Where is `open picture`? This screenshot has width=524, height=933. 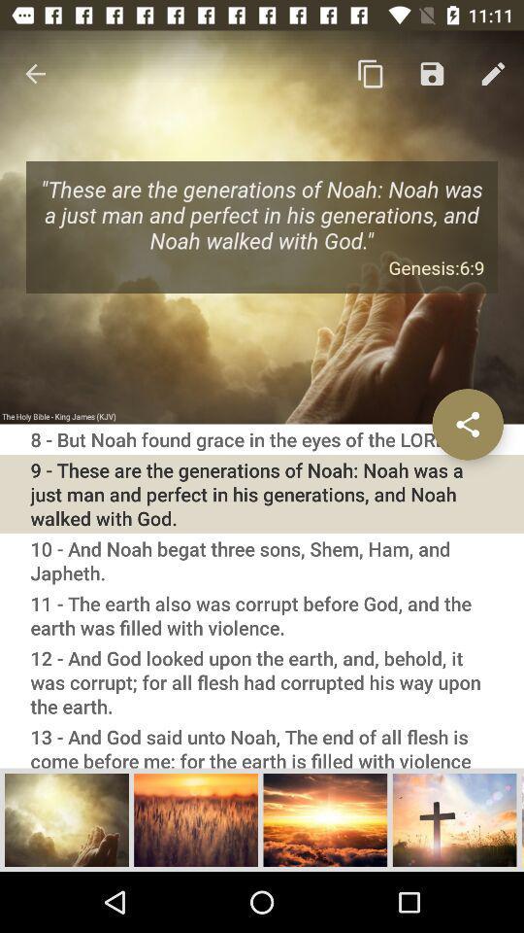
open picture is located at coordinates (454, 818).